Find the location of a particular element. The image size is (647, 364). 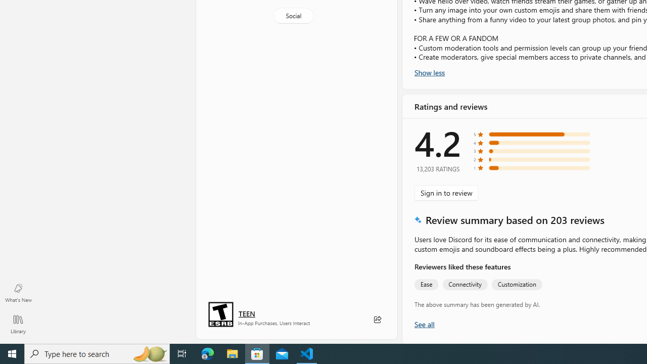

'Sign in to review' is located at coordinates (446, 192).